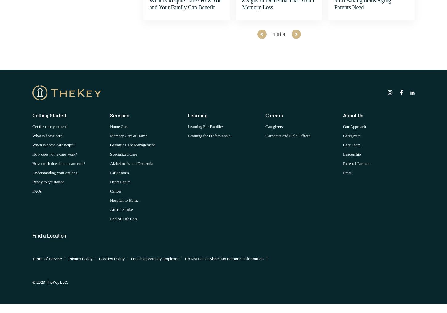 This screenshot has height=313, width=447. I want to click on 'Cookies Policy', so click(112, 258).